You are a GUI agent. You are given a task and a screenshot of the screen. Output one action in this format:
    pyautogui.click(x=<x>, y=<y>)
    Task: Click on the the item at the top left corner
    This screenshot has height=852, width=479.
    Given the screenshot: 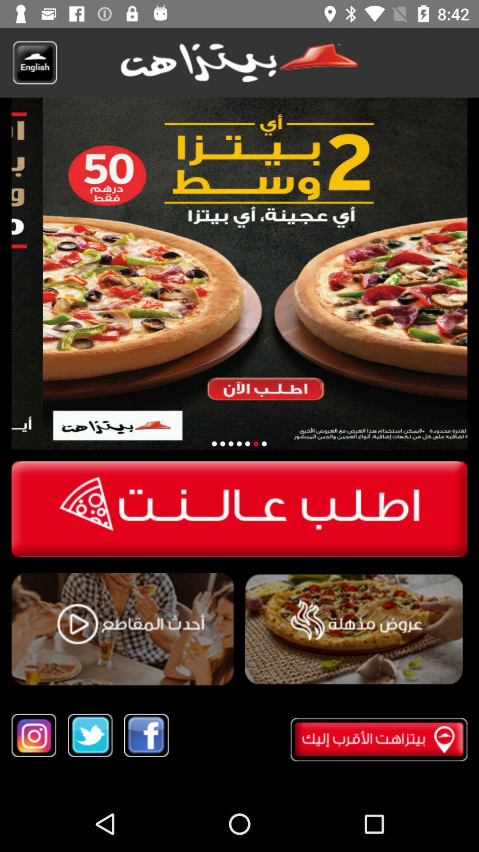 What is the action you would take?
    pyautogui.click(x=34, y=62)
    